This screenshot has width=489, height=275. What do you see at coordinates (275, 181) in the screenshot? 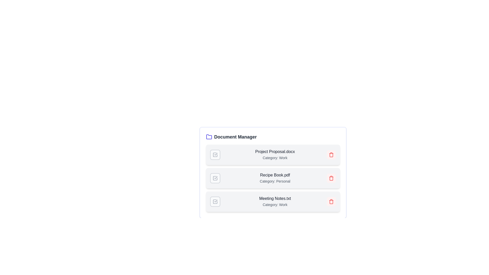
I see `the Text Label displaying 'Category: Personal' that is located beneath the 'Recipe Book.pdf' label in the document list` at bounding box center [275, 181].